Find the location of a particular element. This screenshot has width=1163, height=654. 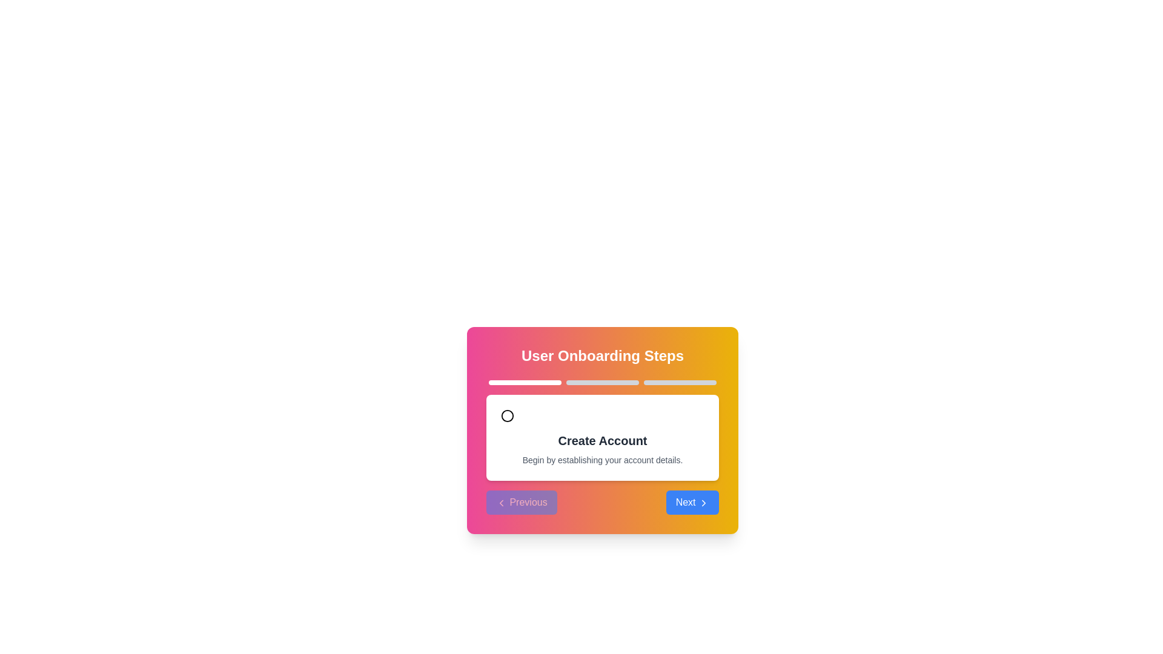

the second Progress Indicator Segment, which is a horizontally elongated rectangle with rounded corners, styled in light gray, located in the upper middle section of the user interface is located at coordinates (602, 383).